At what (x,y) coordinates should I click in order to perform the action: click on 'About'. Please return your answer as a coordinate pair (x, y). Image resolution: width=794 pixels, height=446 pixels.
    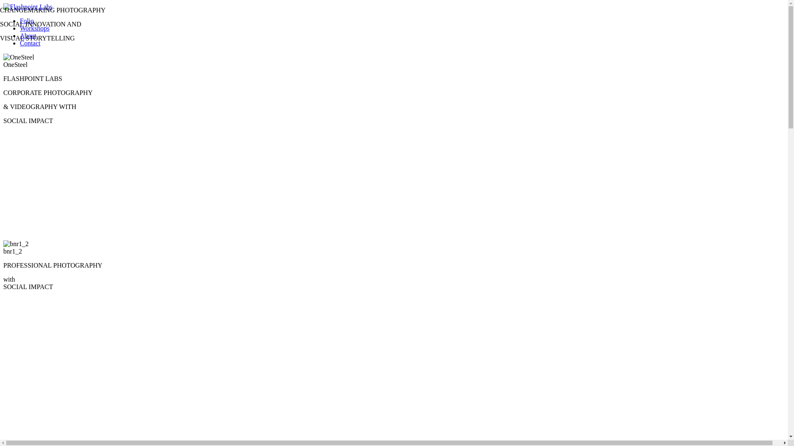
    Looking at the image, I should click on (28, 35).